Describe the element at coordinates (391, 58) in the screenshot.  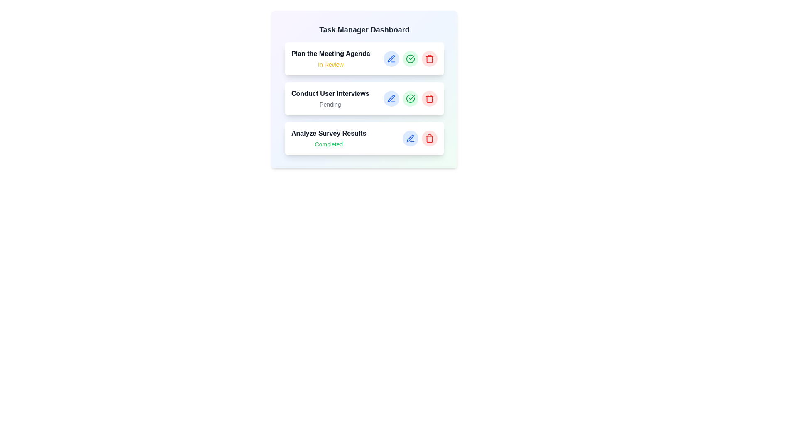
I see `edit button for the task titled 'Plan the Meeting Agenda'` at that location.